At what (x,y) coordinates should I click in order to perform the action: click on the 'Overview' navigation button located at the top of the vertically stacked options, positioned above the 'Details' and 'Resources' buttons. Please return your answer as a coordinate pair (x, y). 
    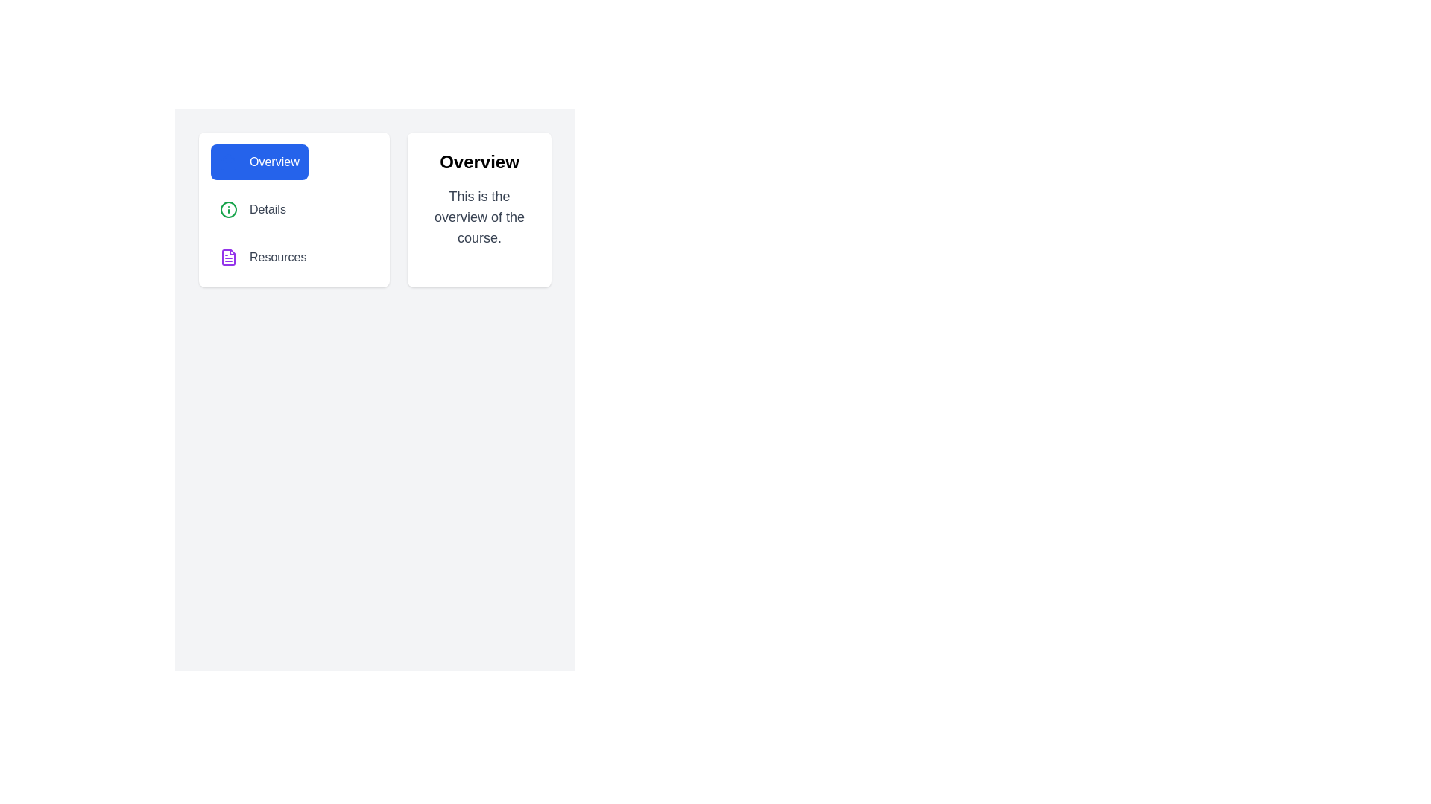
    Looking at the image, I should click on (259, 162).